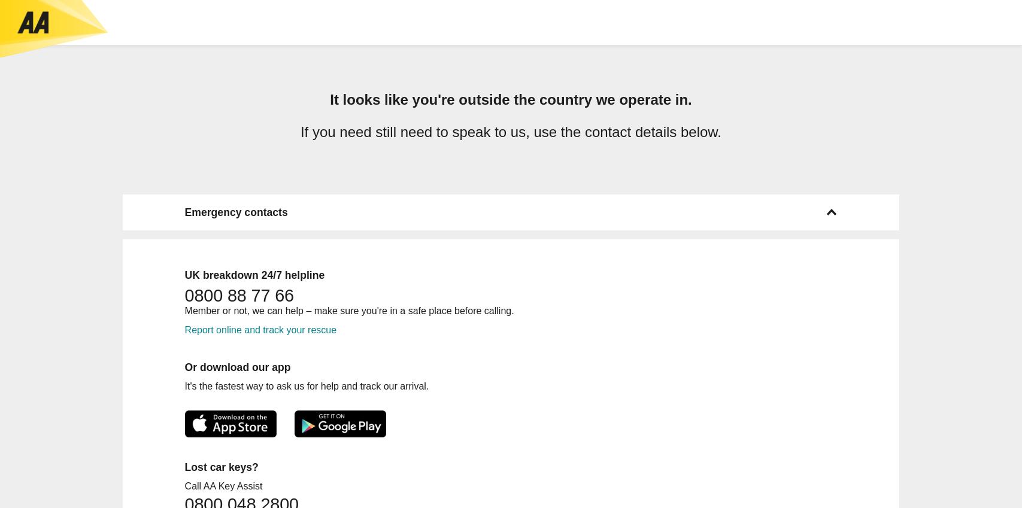  Describe the element at coordinates (348, 309) in the screenshot. I see `'Member or not, we can help – make sure you're in a safe place before calling.'` at that location.